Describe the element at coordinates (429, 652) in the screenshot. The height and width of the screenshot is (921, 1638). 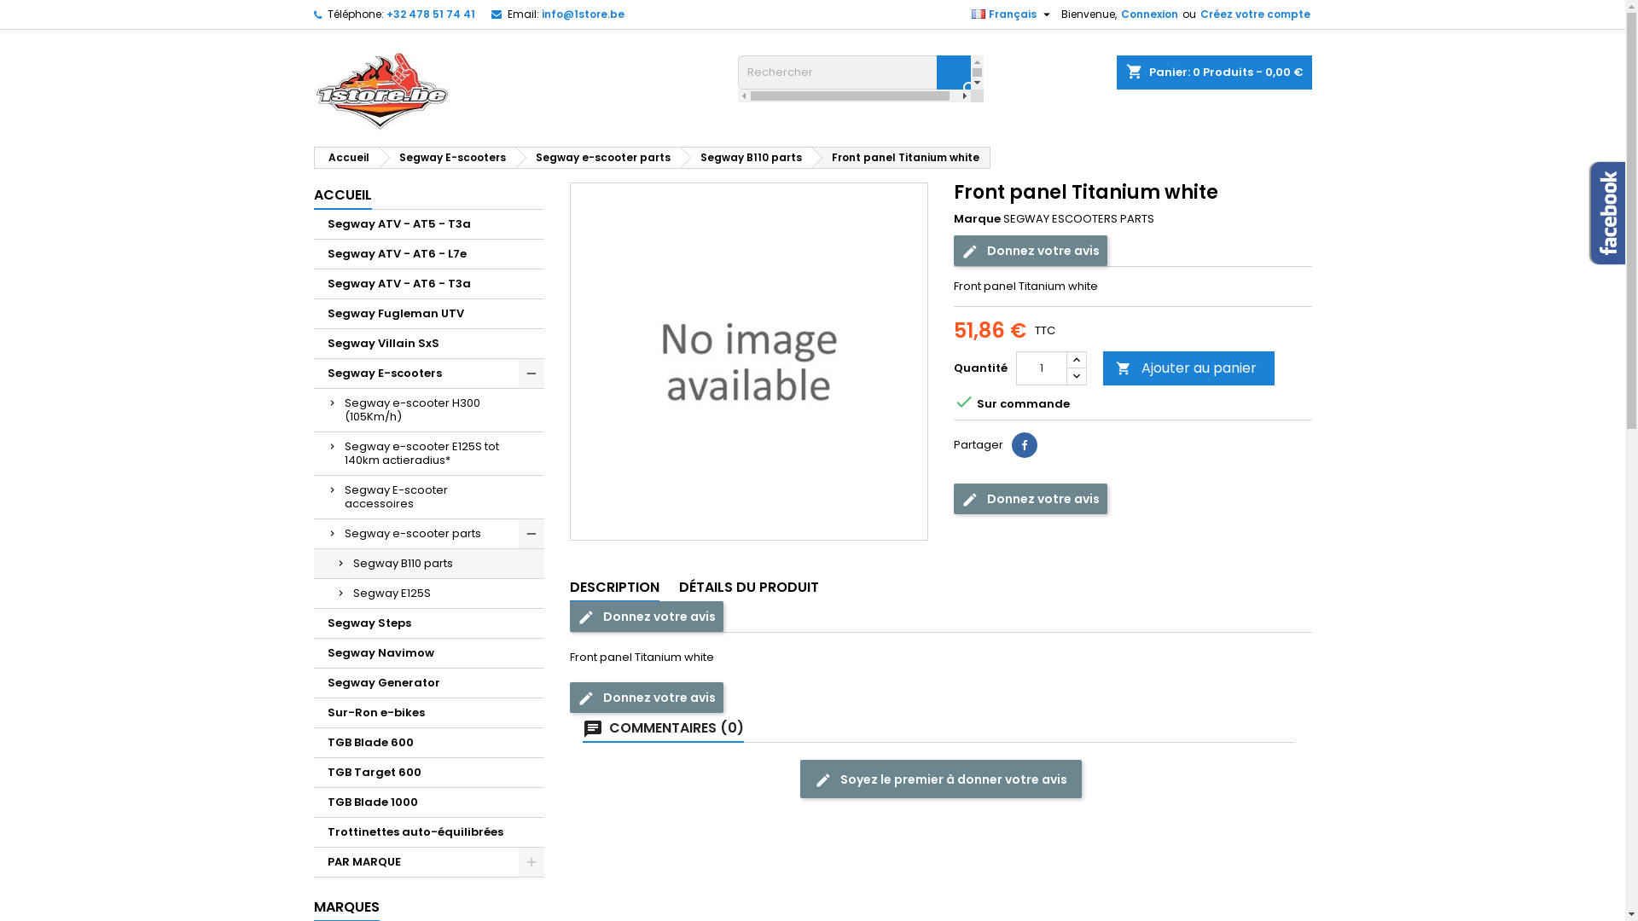
I see `'Segway Navimow'` at that location.